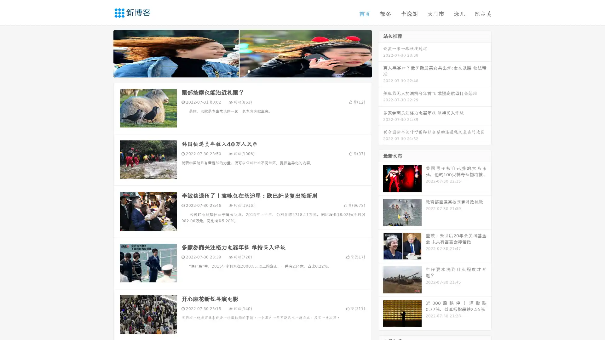  Describe the element at coordinates (249, 71) in the screenshot. I see `Go to slide 3` at that location.